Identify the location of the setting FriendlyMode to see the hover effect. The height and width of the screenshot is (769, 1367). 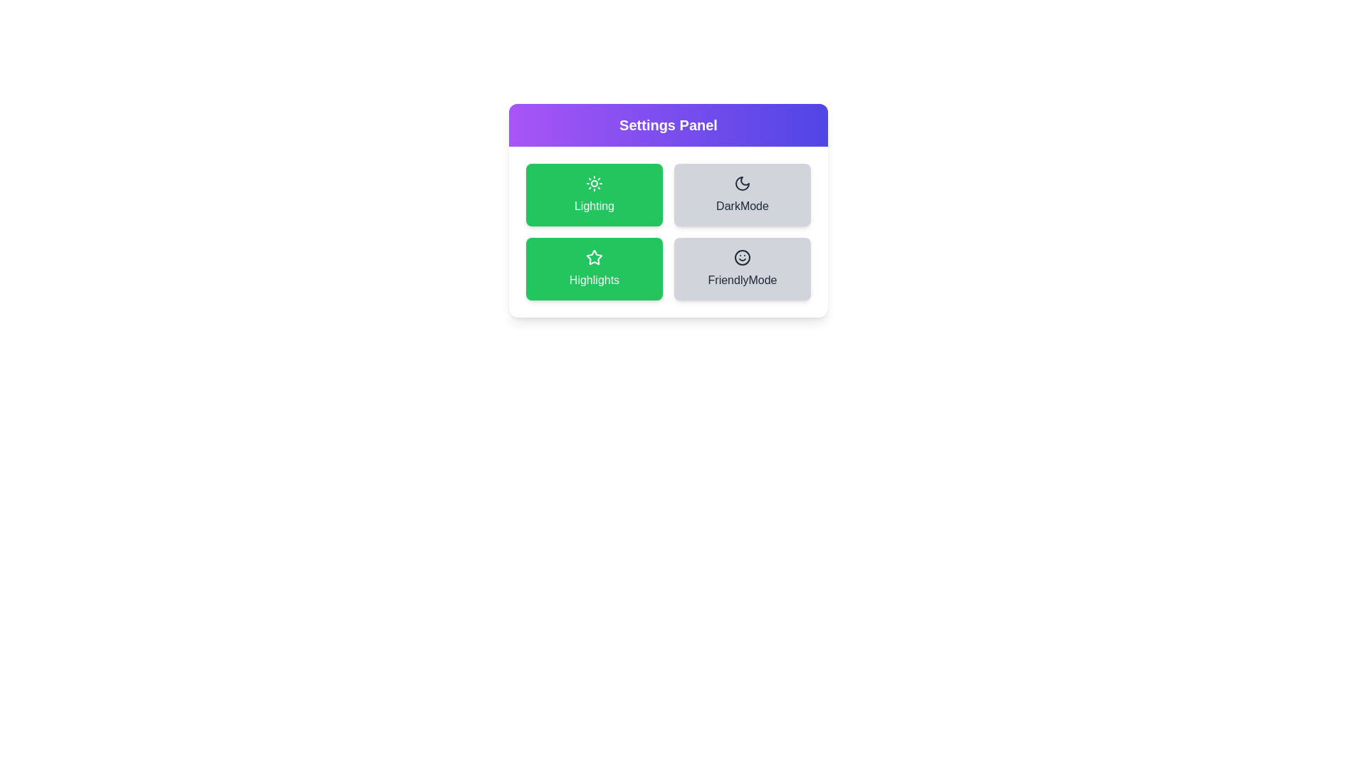
(741, 269).